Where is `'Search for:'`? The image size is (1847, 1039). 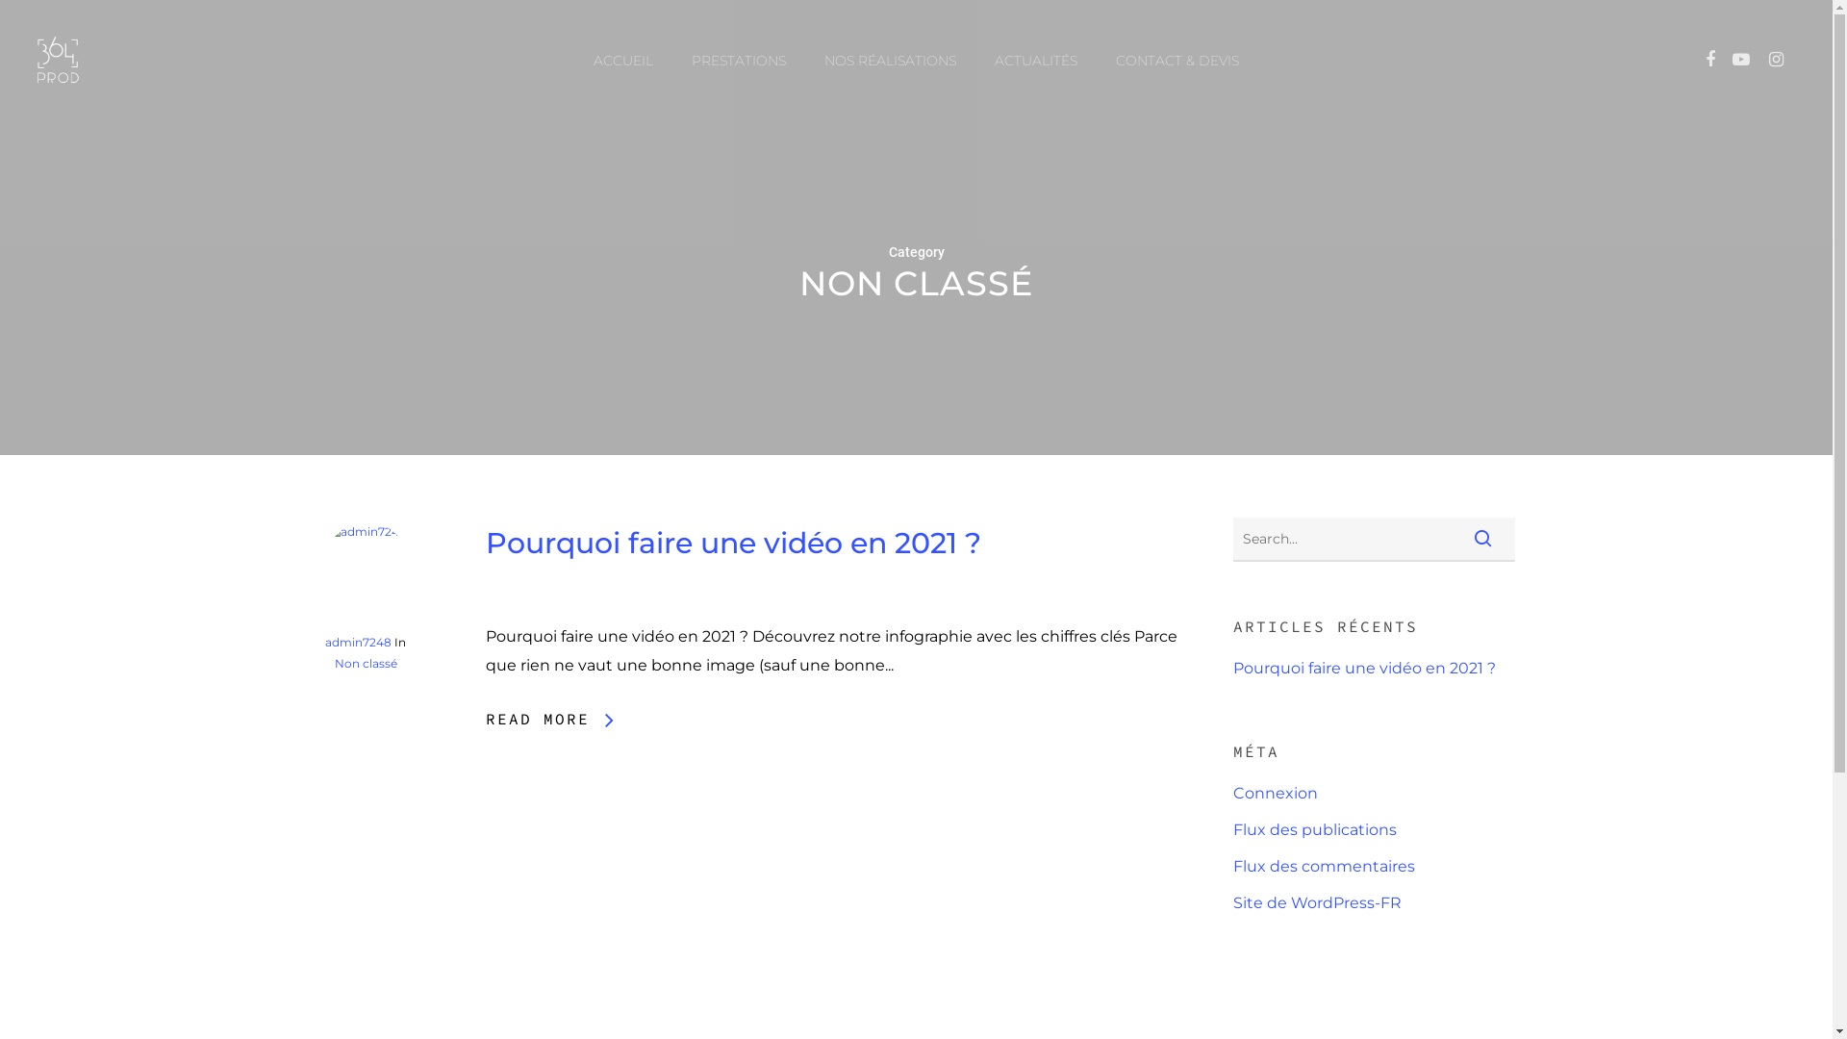 'Search for:' is located at coordinates (1373, 539).